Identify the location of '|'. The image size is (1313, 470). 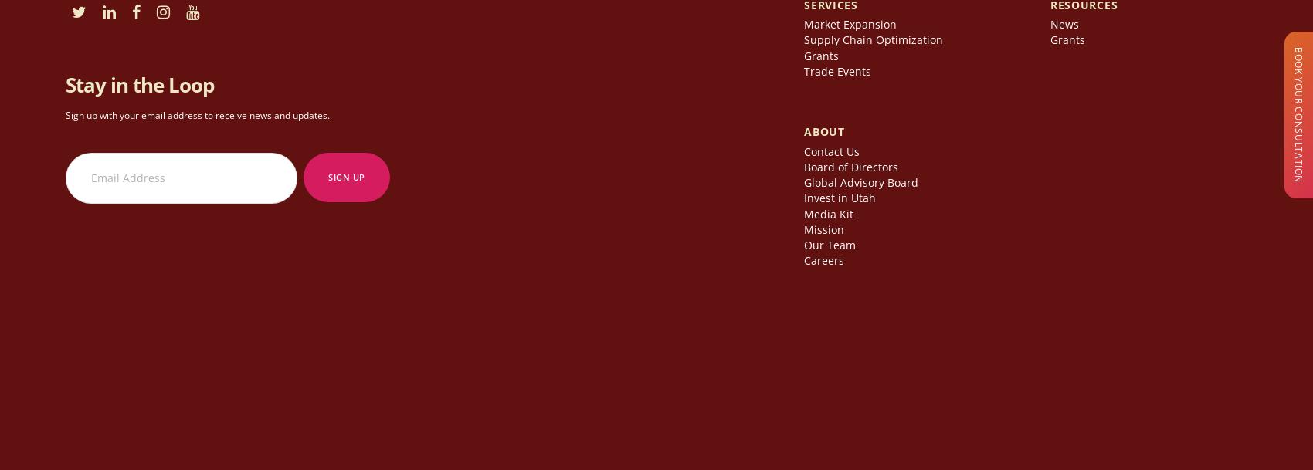
(315, 314).